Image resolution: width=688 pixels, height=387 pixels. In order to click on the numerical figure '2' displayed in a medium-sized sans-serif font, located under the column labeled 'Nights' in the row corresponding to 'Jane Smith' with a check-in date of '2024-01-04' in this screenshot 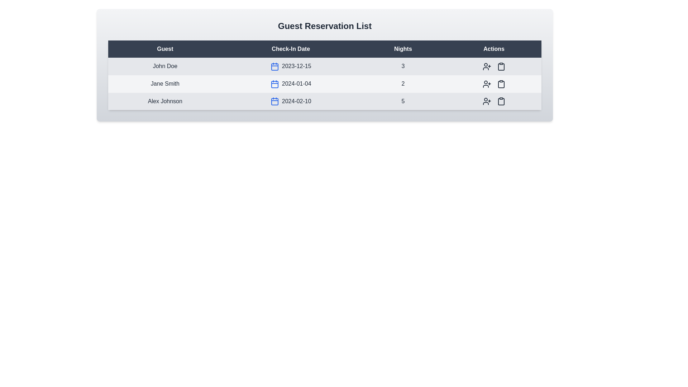, I will do `click(403, 83)`.